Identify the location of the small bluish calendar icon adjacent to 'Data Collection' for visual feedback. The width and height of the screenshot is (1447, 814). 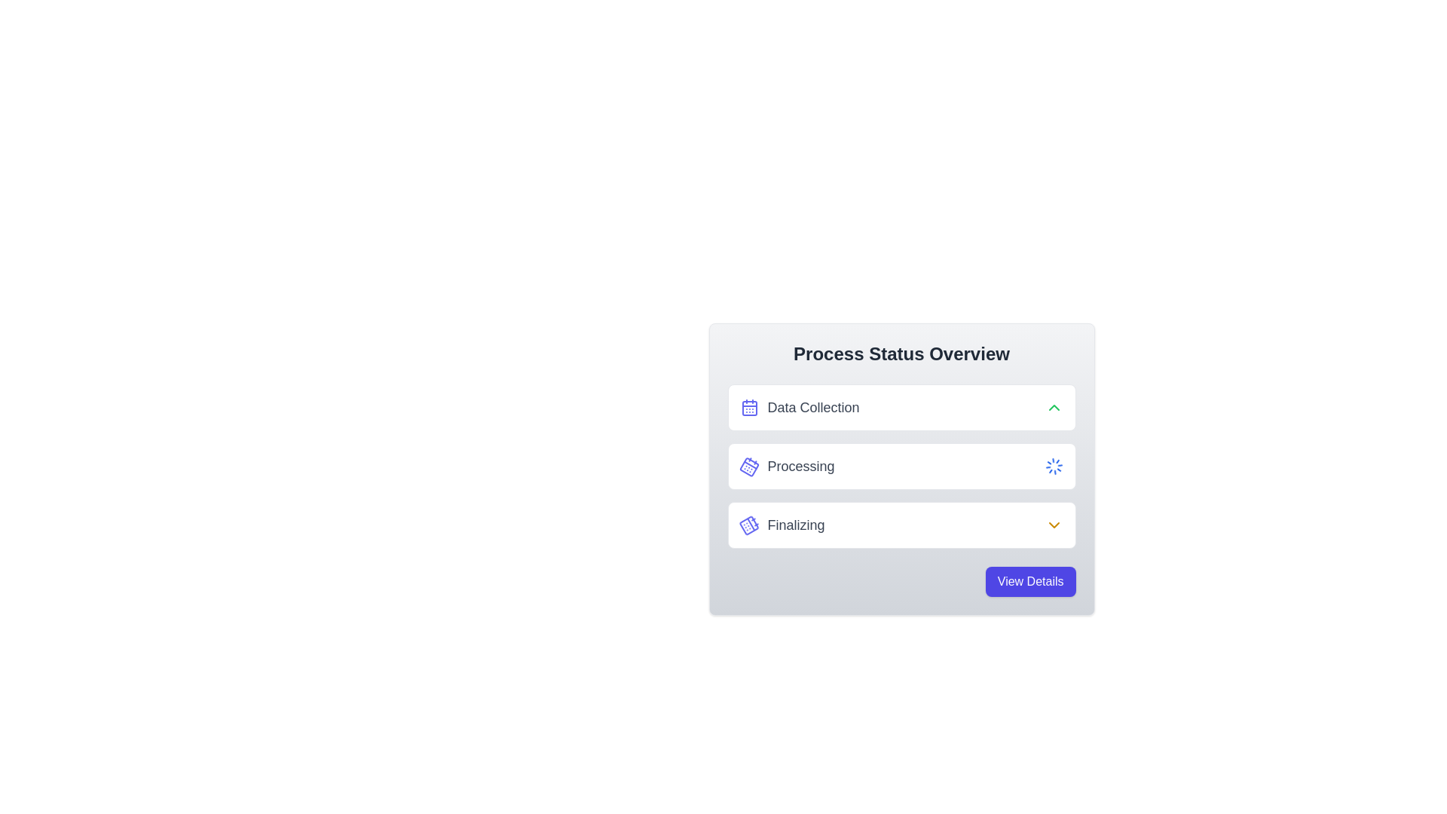
(749, 407).